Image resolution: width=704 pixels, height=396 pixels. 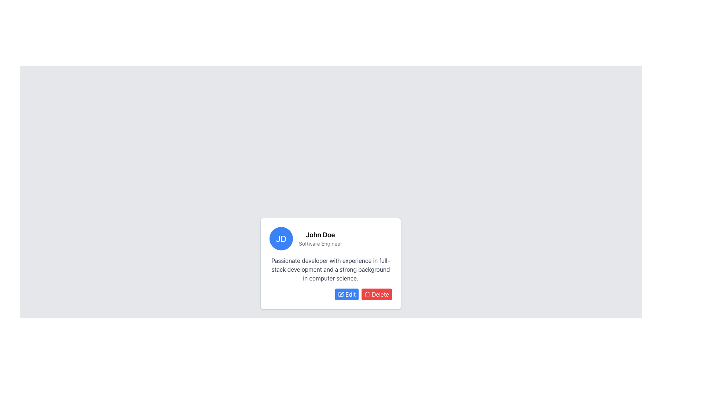 I want to click on the delete button located at the bottom-right of the card, to the right of the 'Edit' button, so click(x=377, y=294).